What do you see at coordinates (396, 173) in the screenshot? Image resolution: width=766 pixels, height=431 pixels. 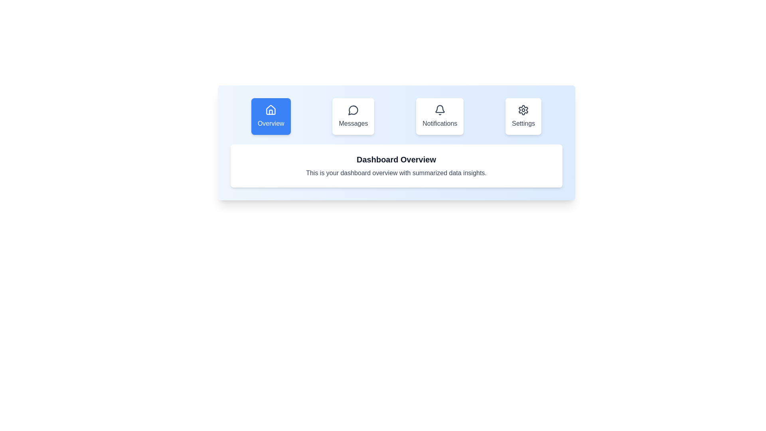 I see `the static text element that provides an overview or explanation of the dashboard's purpose, located beneath the title 'Dashboard Overview'` at bounding box center [396, 173].